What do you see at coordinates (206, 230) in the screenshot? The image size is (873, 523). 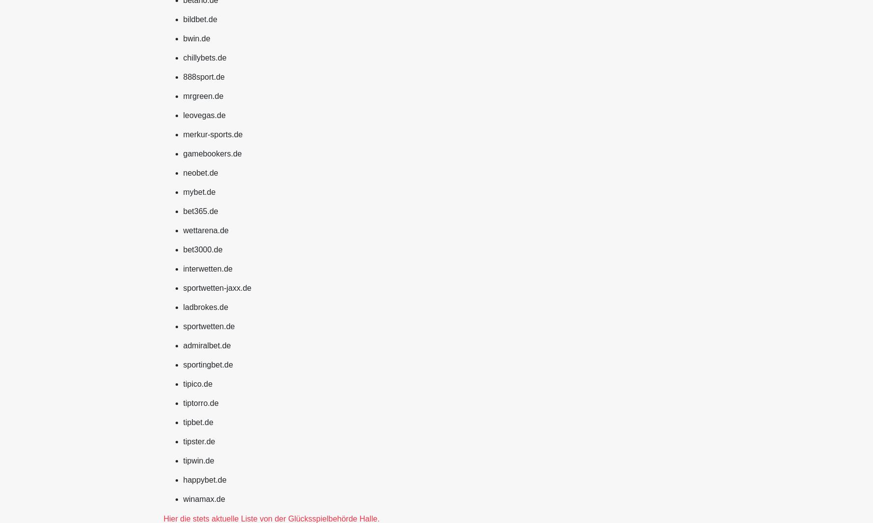 I see `'wettarena.de'` at bounding box center [206, 230].